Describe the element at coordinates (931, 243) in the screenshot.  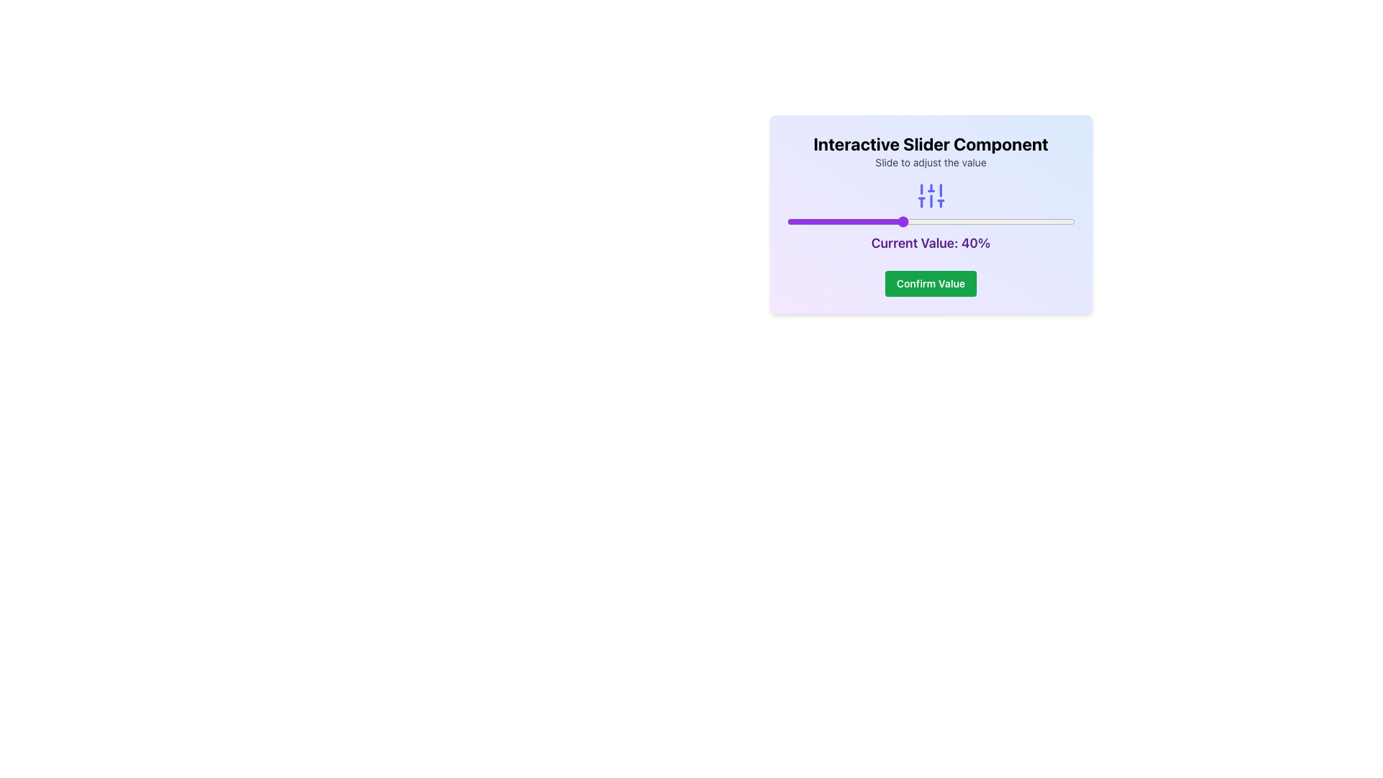
I see `the text label displaying 'Current Value: 40%' which is styled with bold purple text and positioned below the slider and above the 'Confirm Value' button` at that location.